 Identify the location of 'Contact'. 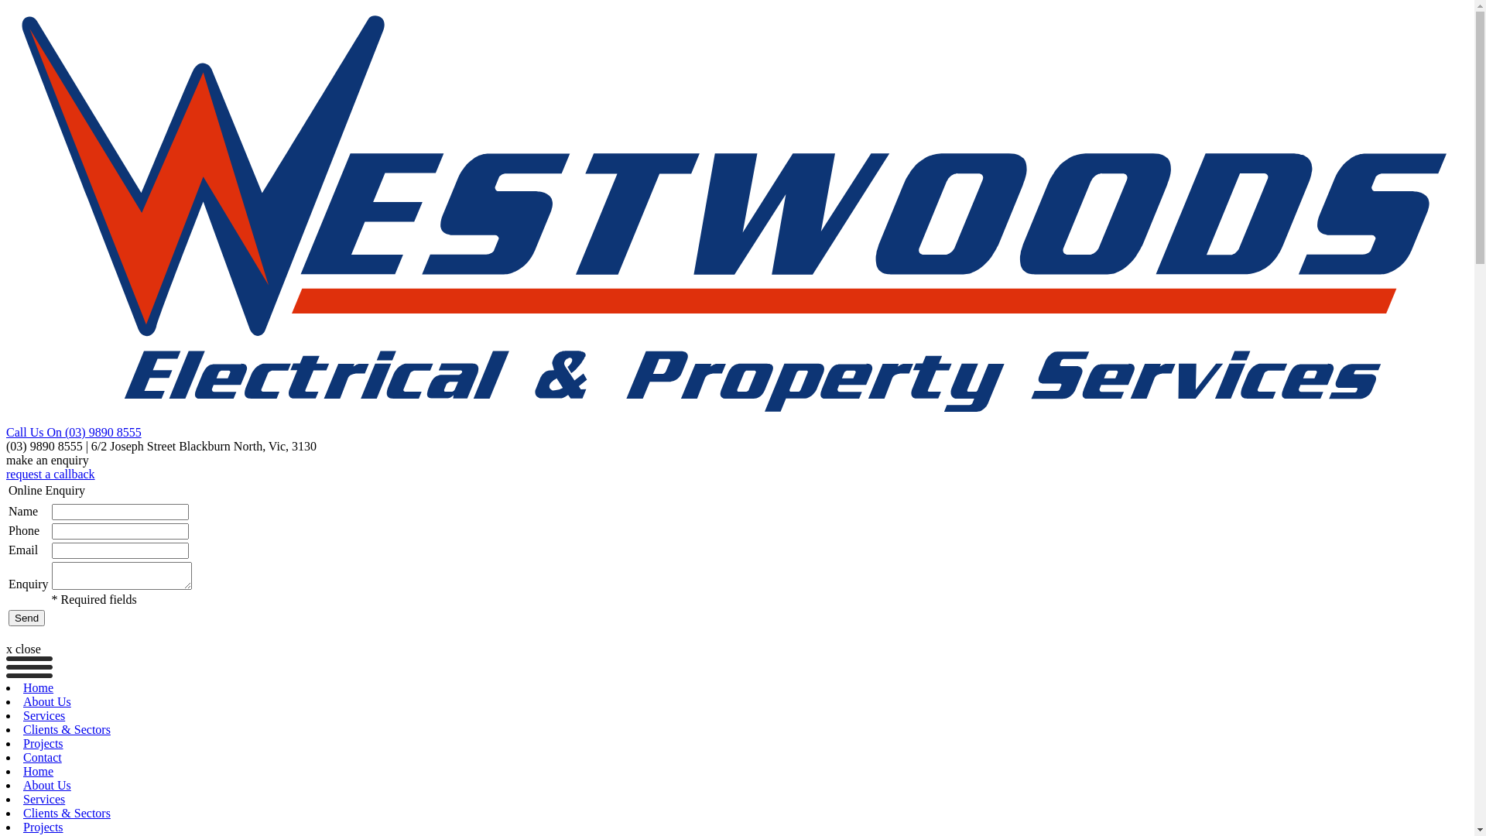
(42, 756).